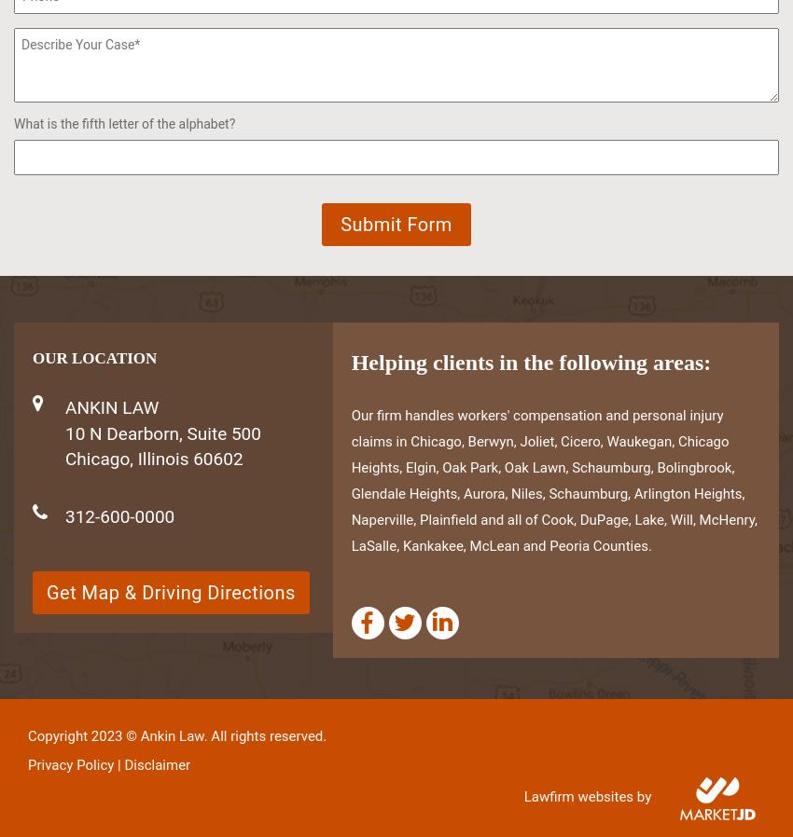 The height and width of the screenshot is (837, 793). Describe the element at coordinates (111, 407) in the screenshot. I see `'ankin law'` at that location.